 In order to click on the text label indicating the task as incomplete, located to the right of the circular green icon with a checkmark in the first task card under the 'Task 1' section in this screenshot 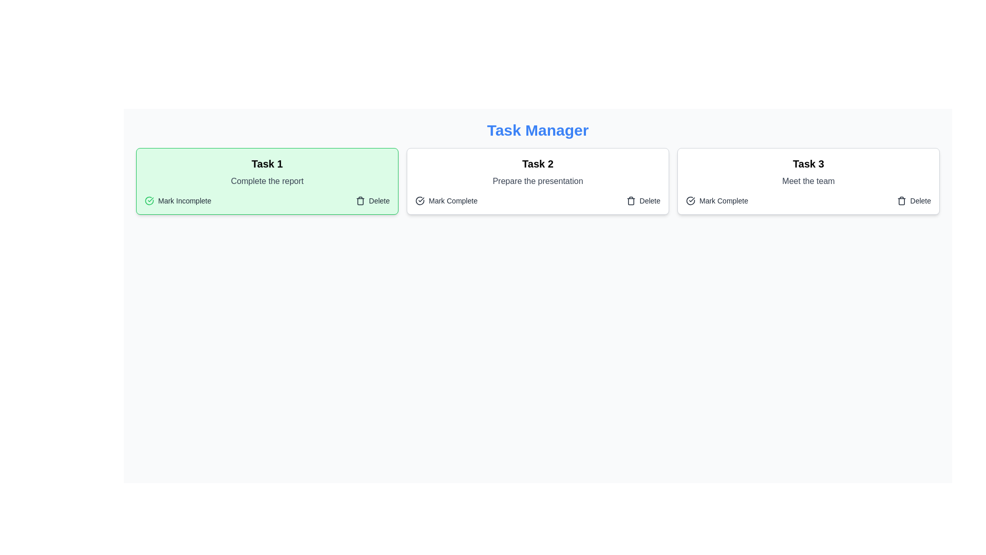, I will do `click(184, 200)`.